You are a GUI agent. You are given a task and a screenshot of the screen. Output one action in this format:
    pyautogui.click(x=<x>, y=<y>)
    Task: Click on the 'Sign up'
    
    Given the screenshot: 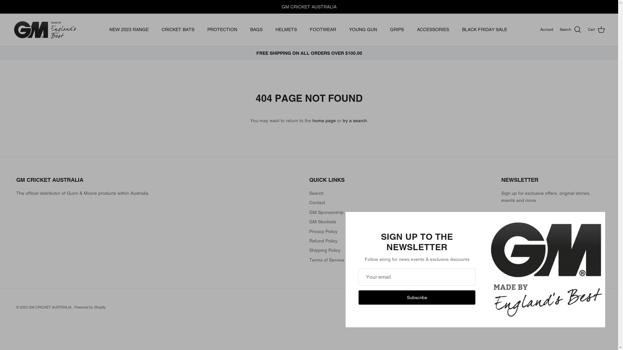 What is the action you would take?
    pyautogui.click(x=517, y=240)
    